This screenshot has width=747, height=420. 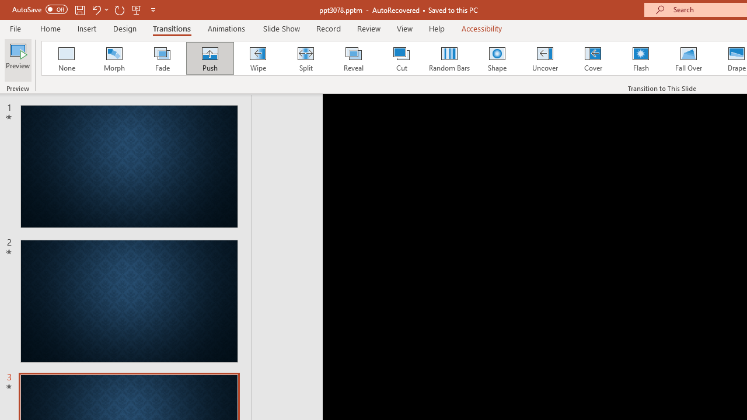 What do you see at coordinates (689, 58) in the screenshot?
I see `'Fall Over'` at bounding box center [689, 58].